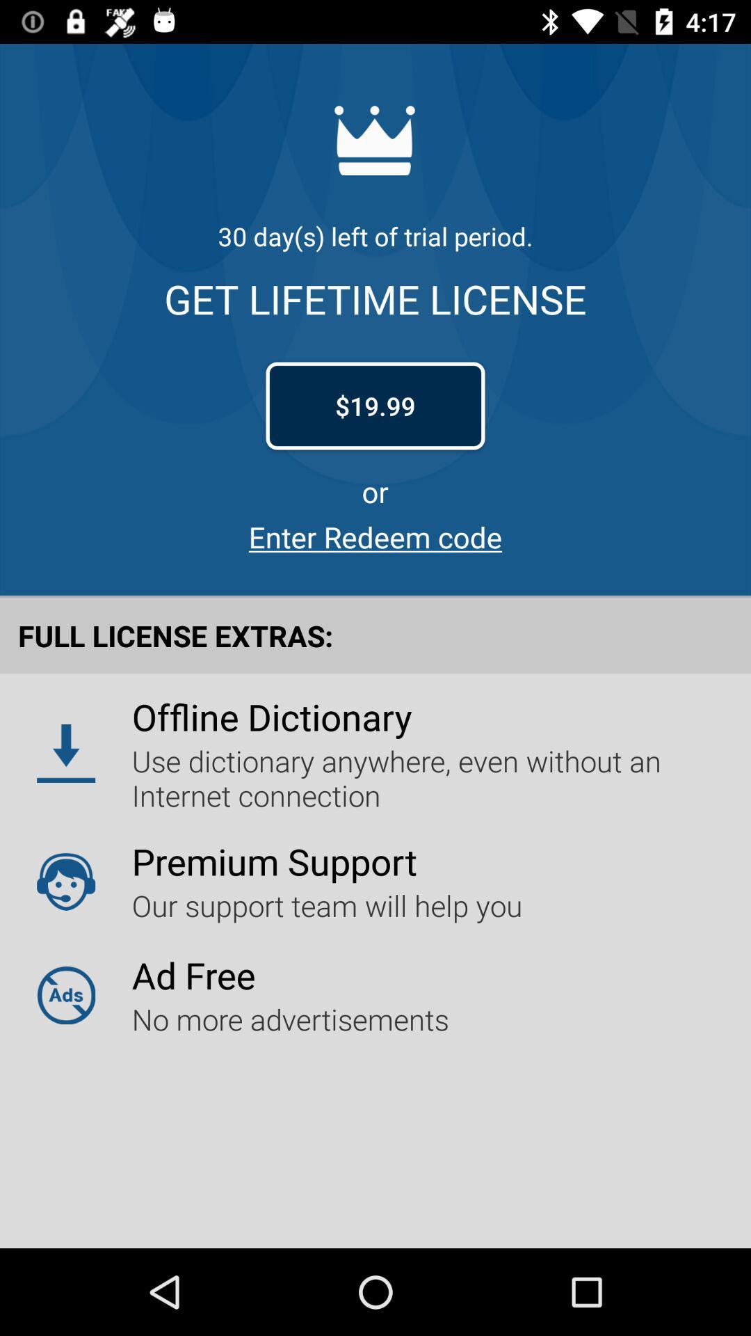  What do you see at coordinates (375, 536) in the screenshot?
I see `the enter redeem code icon` at bounding box center [375, 536].